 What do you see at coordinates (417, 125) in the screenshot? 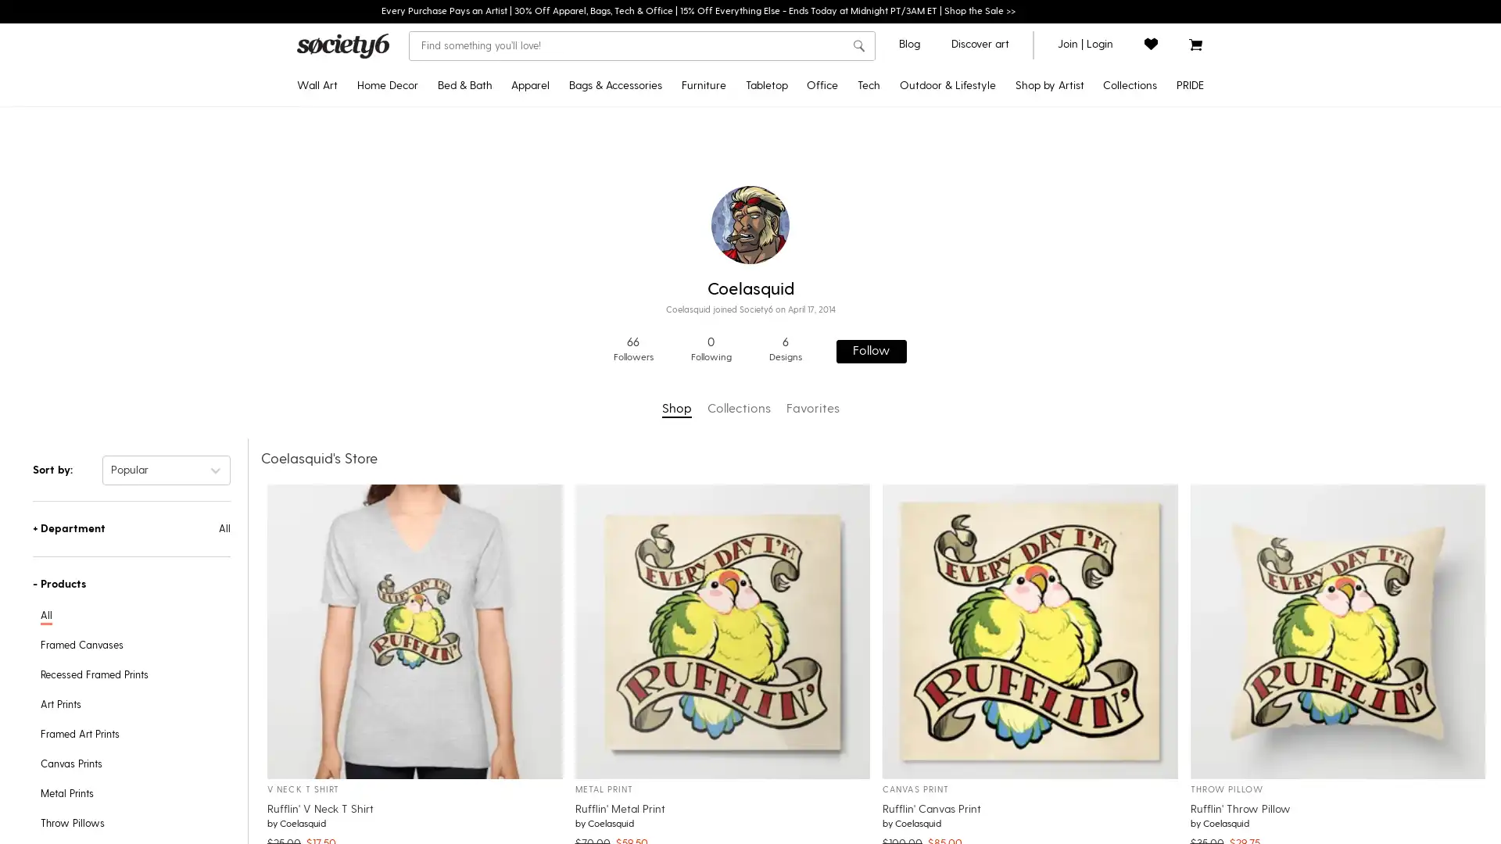
I see `Tapestries` at bounding box center [417, 125].